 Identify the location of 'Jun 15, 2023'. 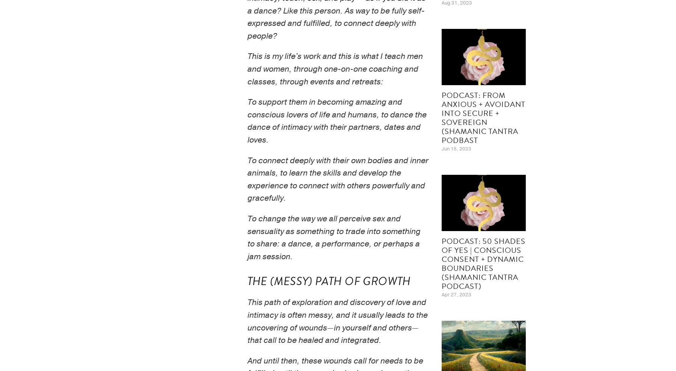
(456, 148).